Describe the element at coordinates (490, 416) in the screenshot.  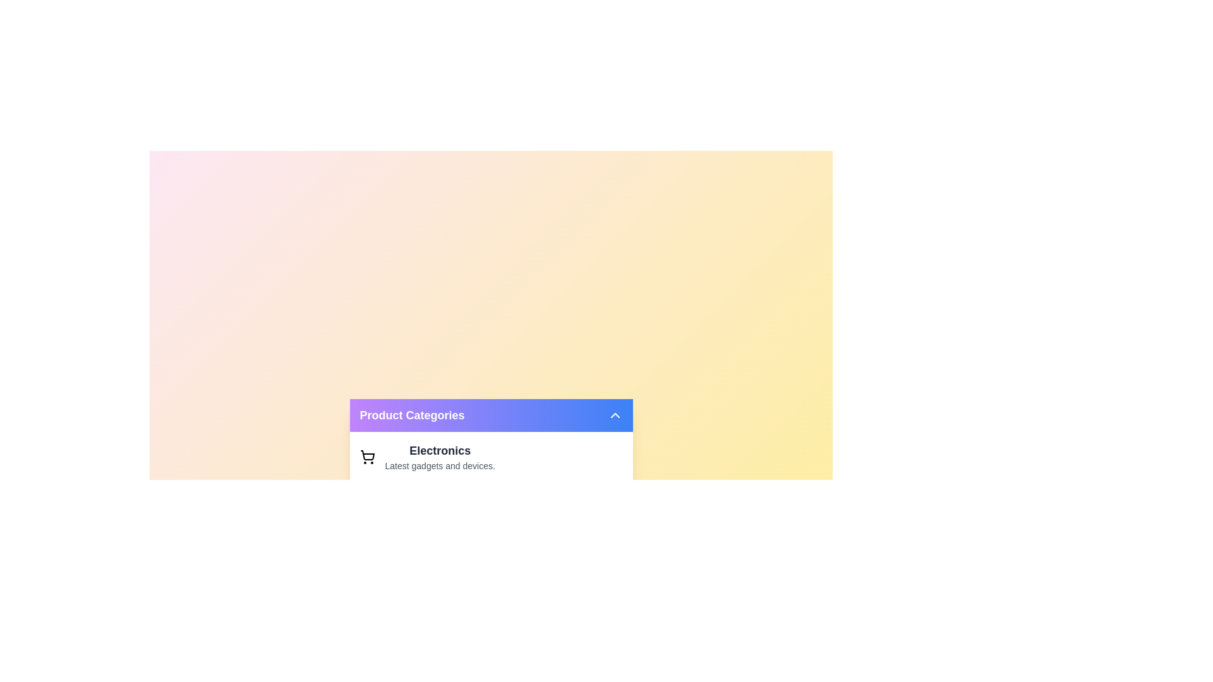
I see `the 'Product Categories' header button to toggle the visibility of the product category list` at that location.